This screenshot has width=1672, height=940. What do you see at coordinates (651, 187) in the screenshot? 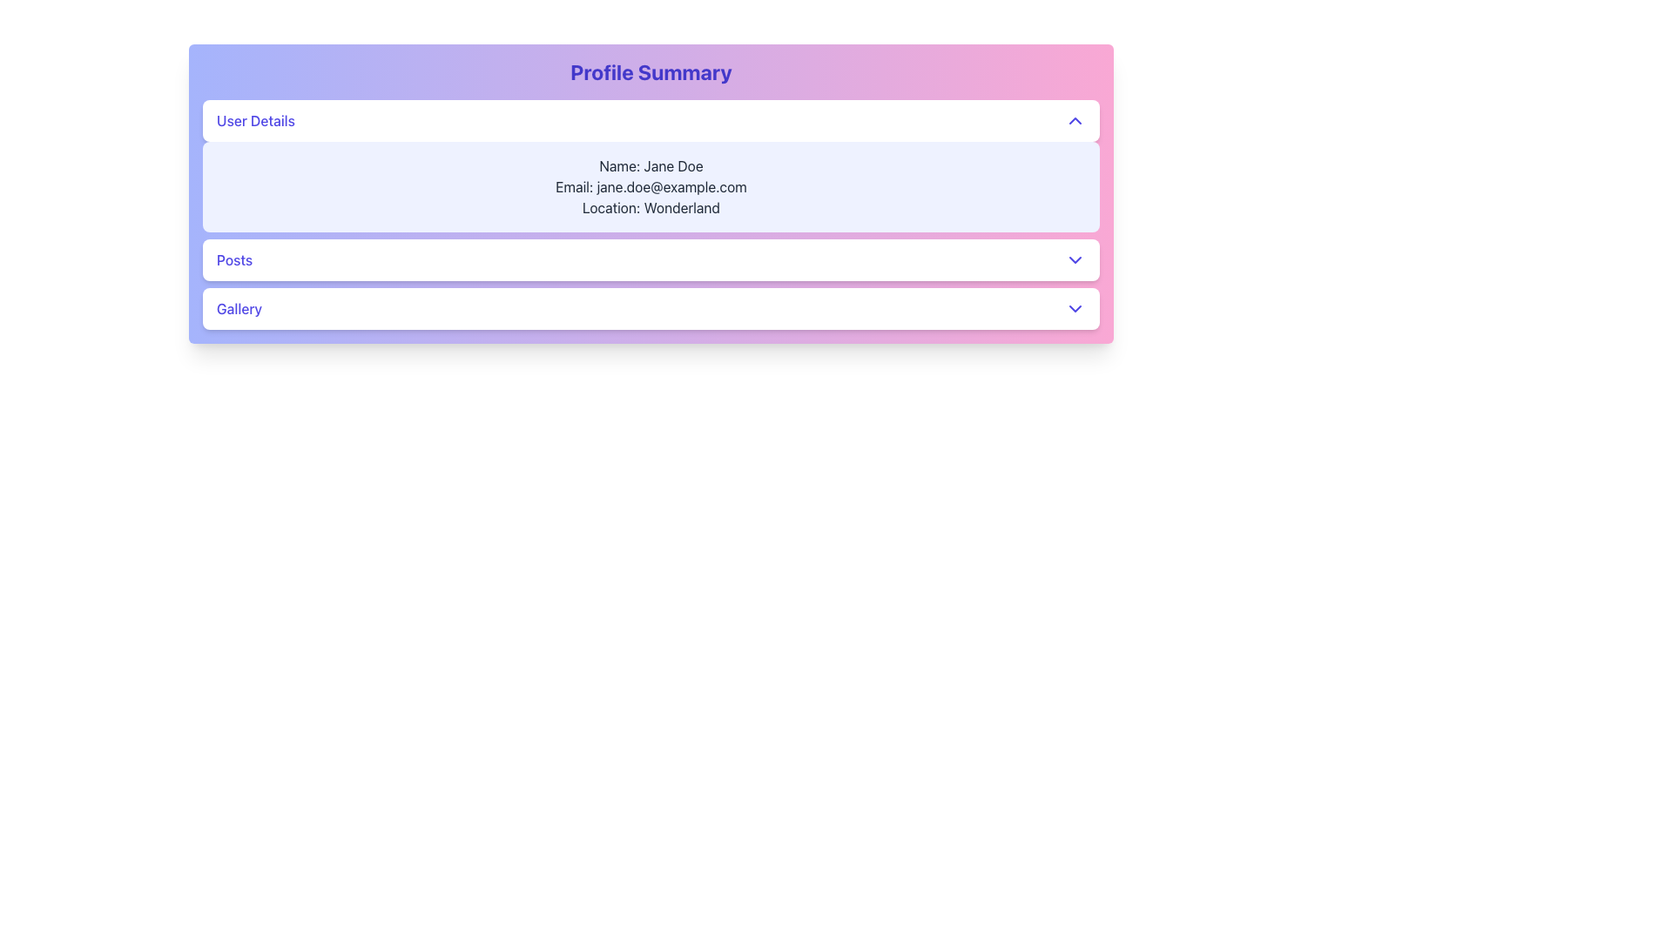
I see `the static text label displaying the email address 'Email: jane.doe@example.com' located in the 'User Details' section` at bounding box center [651, 187].